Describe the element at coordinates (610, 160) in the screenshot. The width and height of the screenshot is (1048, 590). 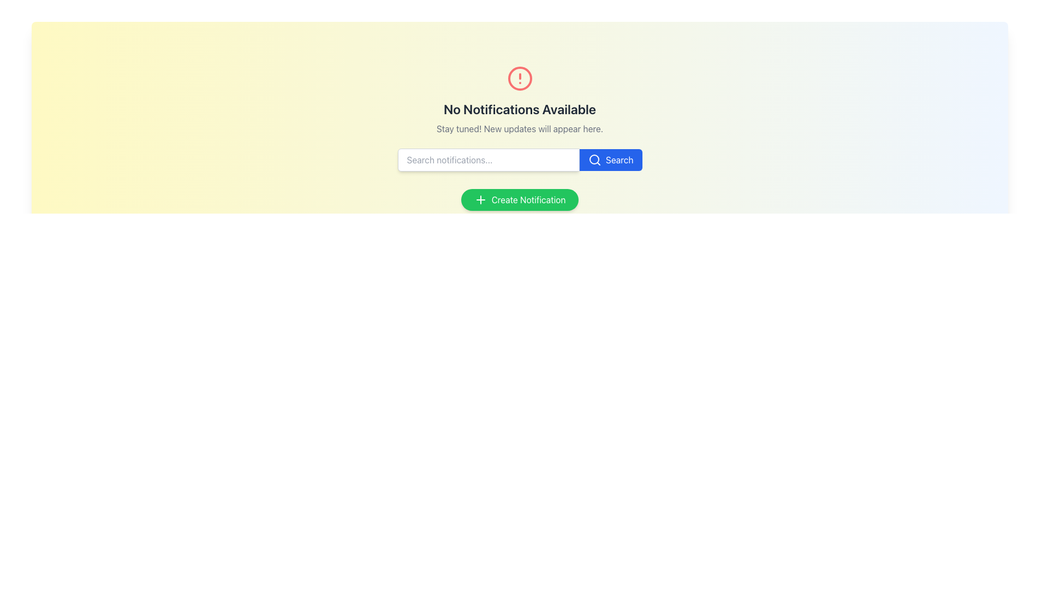
I see `the search button located directly below the 'No Notifications Available' heading to initiate the search action` at that location.